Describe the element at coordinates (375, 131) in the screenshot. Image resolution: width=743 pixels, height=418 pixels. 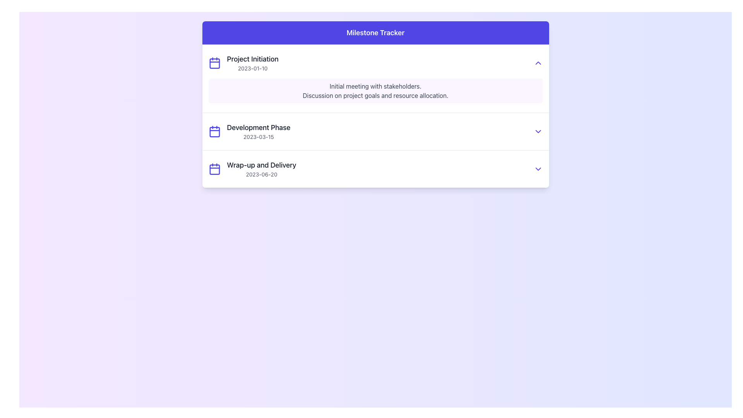
I see `the arrow of the 'Development Phase' dropdown toggle` at that location.